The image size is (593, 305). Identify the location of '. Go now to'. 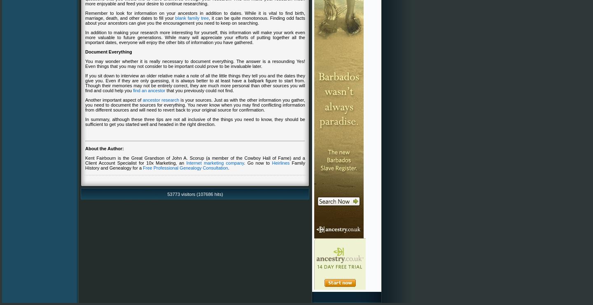
(257, 163).